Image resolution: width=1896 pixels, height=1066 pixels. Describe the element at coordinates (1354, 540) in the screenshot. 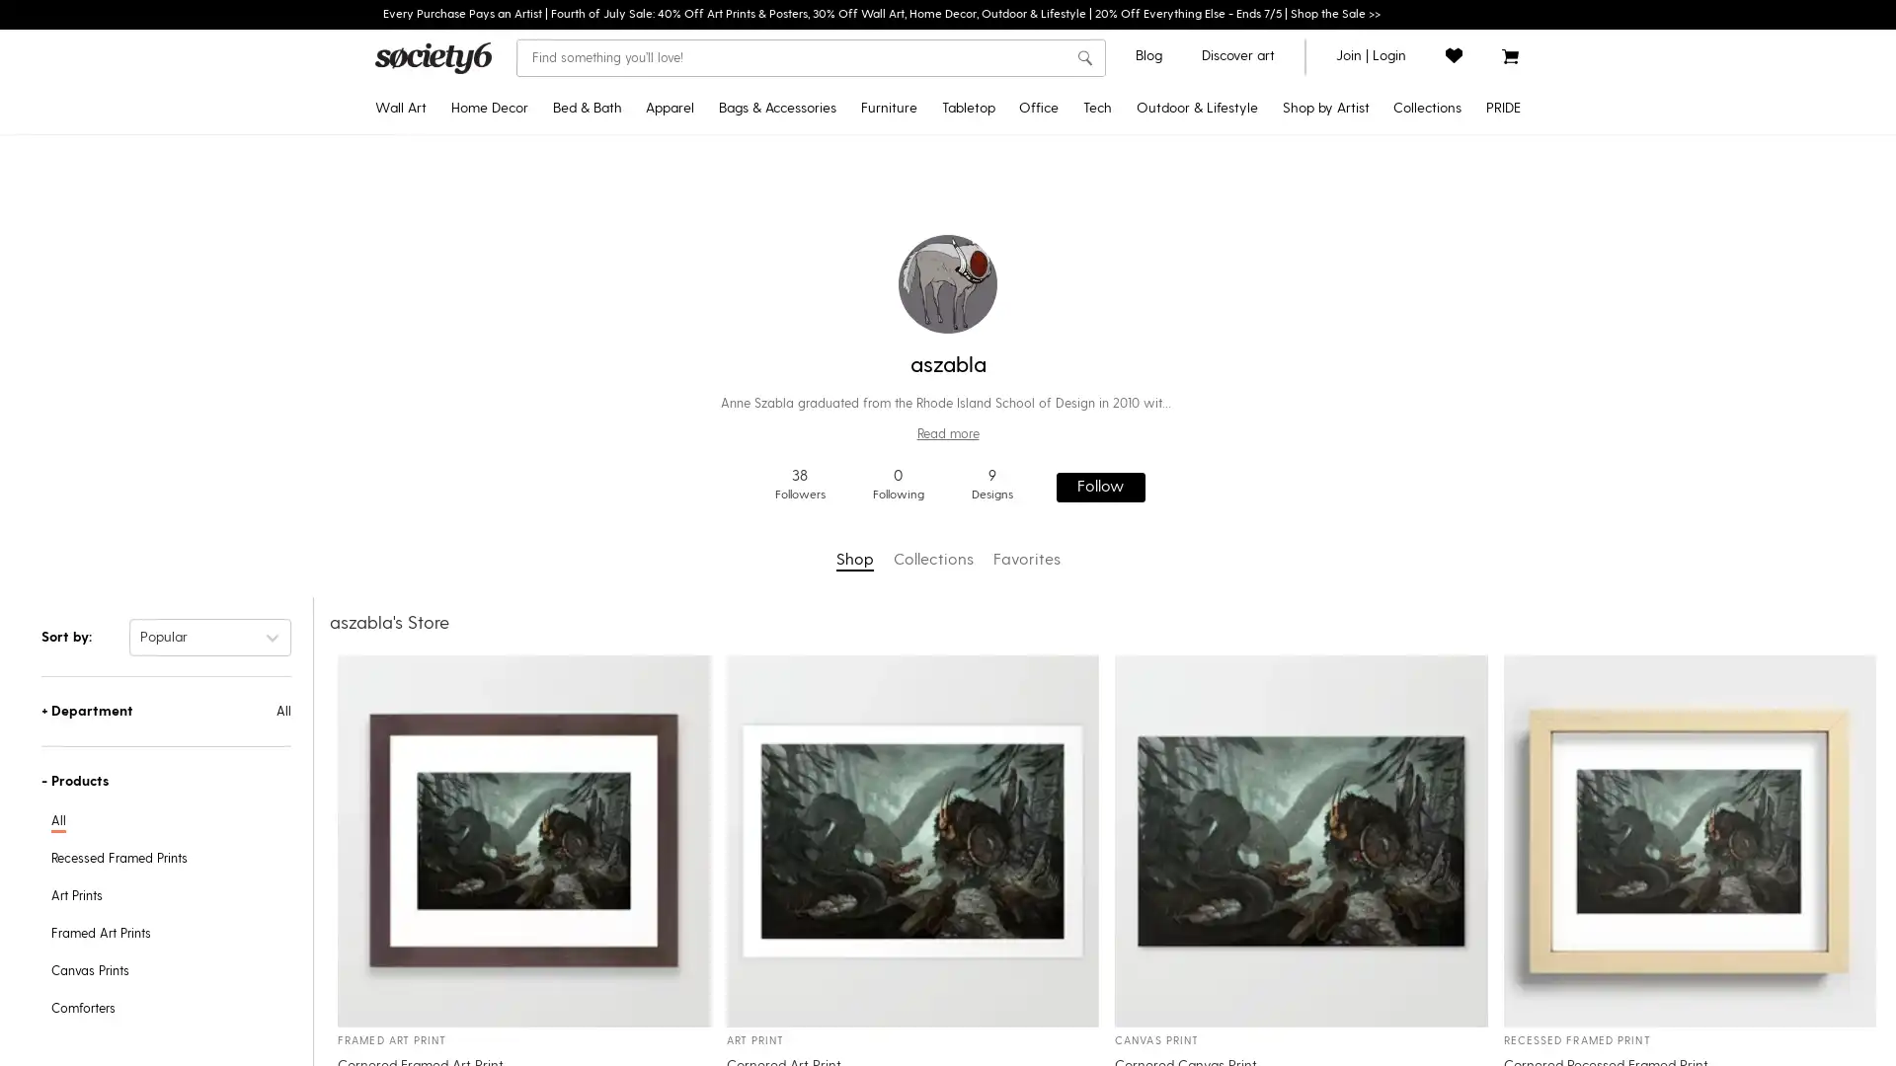

I see `Introducing: Tabletop Textiles` at that location.